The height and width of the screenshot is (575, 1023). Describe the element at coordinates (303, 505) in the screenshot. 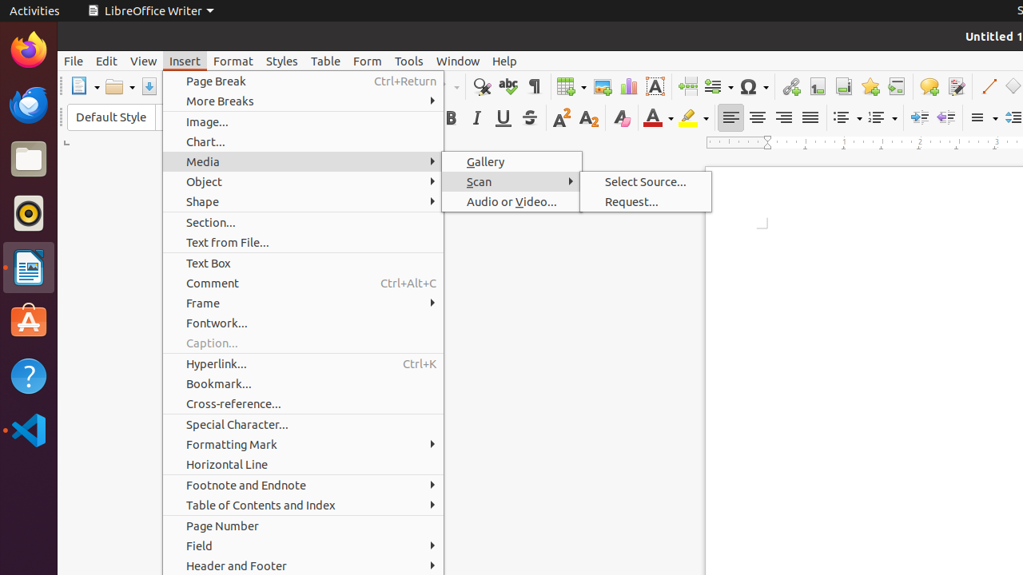

I see `'Table of Contents and Index'` at that location.